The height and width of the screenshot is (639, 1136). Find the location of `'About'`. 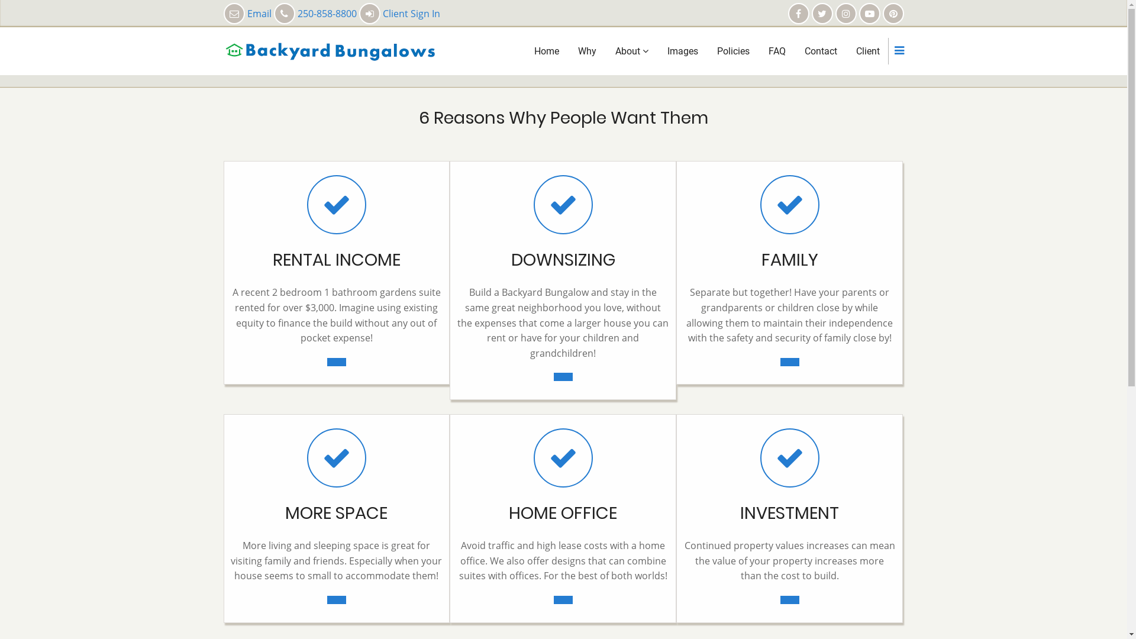

'About' is located at coordinates (607, 50).